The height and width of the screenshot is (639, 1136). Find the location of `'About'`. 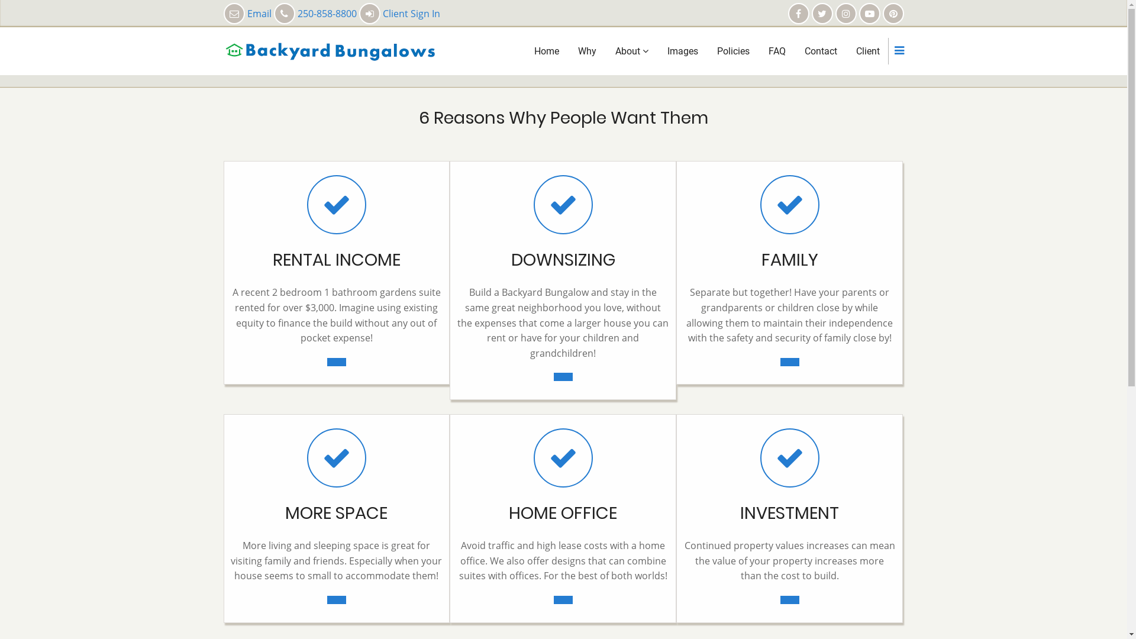

'About' is located at coordinates (607, 50).